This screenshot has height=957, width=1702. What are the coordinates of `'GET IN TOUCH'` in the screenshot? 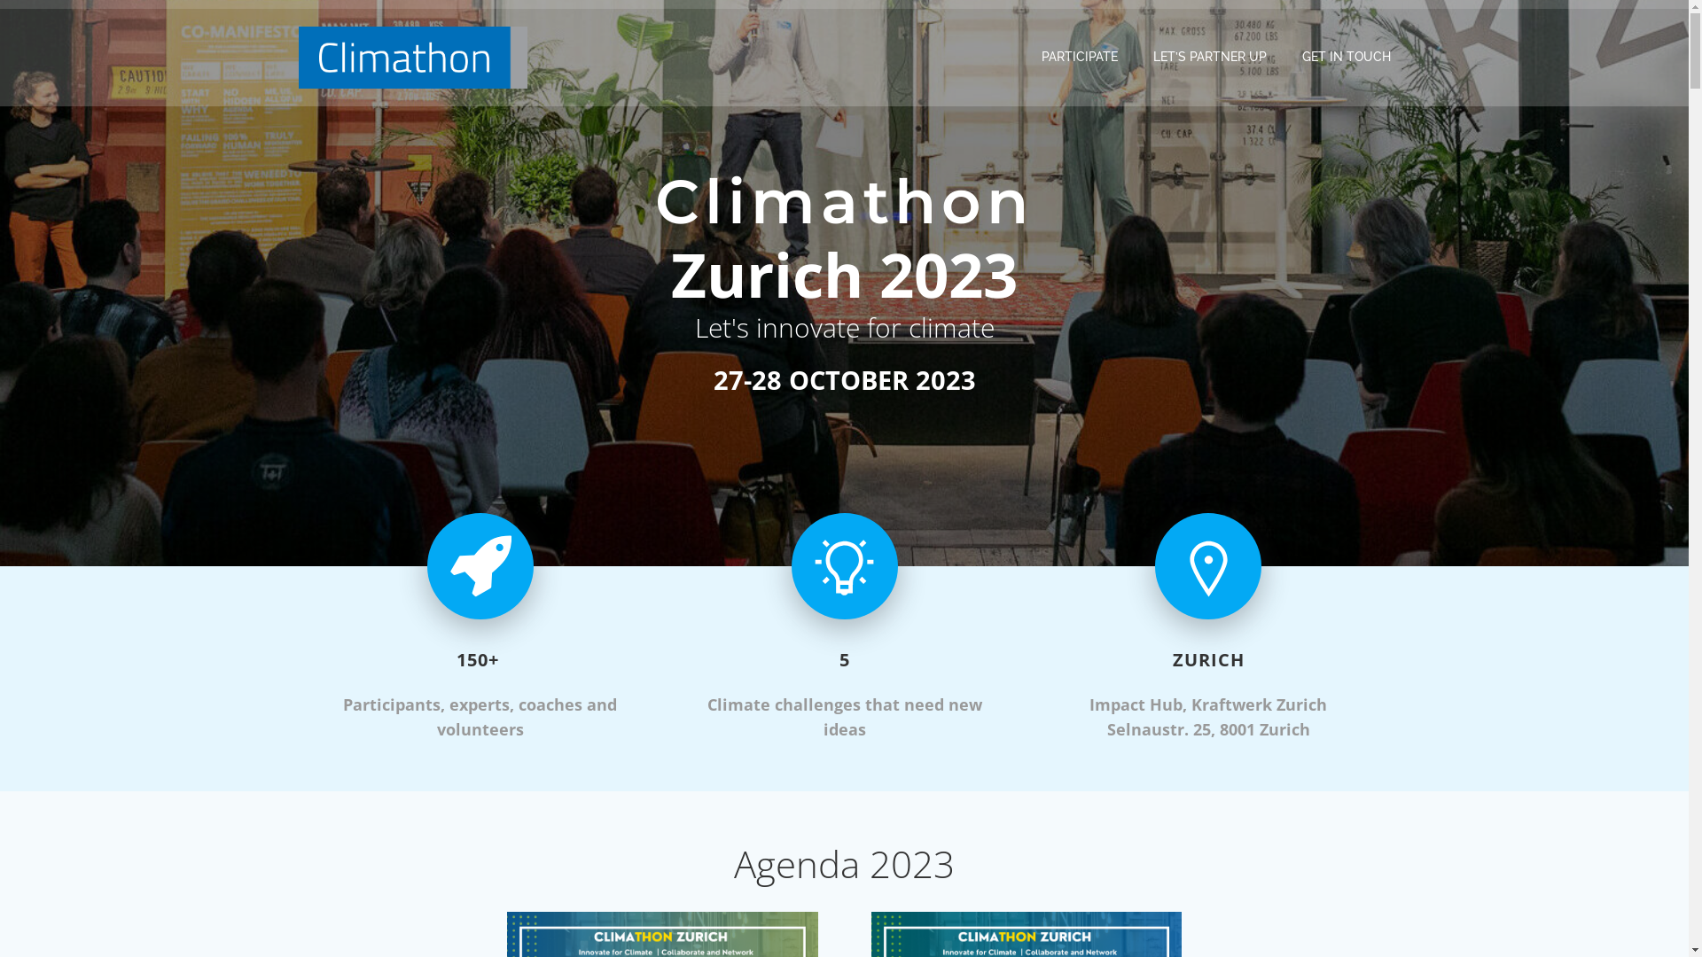 It's located at (1345, 56).